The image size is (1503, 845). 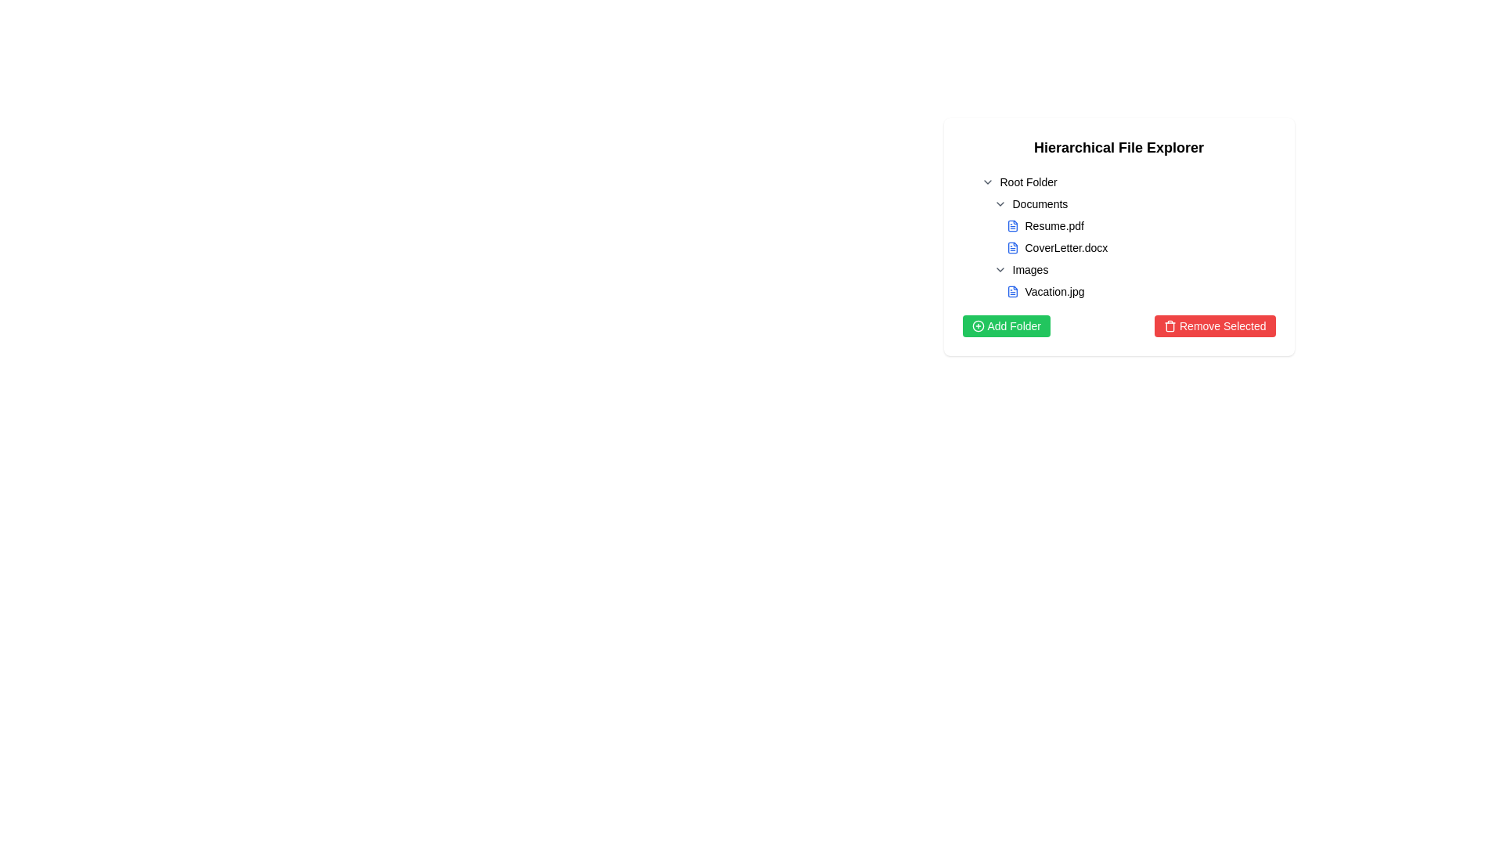 What do you see at coordinates (1065, 246) in the screenshot?
I see `the text label displaying the name of the document in the file explorer` at bounding box center [1065, 246].